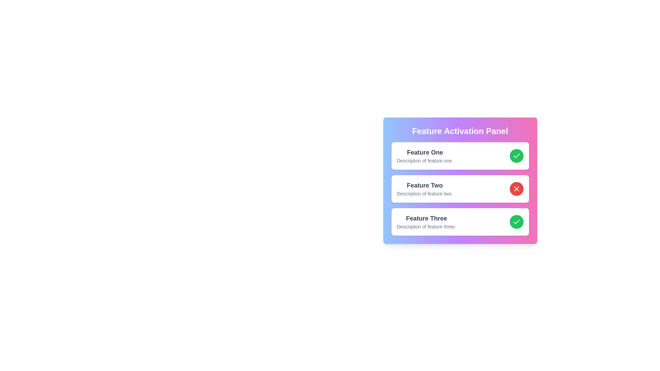  What do you see at coordinates (516, 189) in the screenshot?
I see `the feature Feature Two` at bounding box center [516, 189].